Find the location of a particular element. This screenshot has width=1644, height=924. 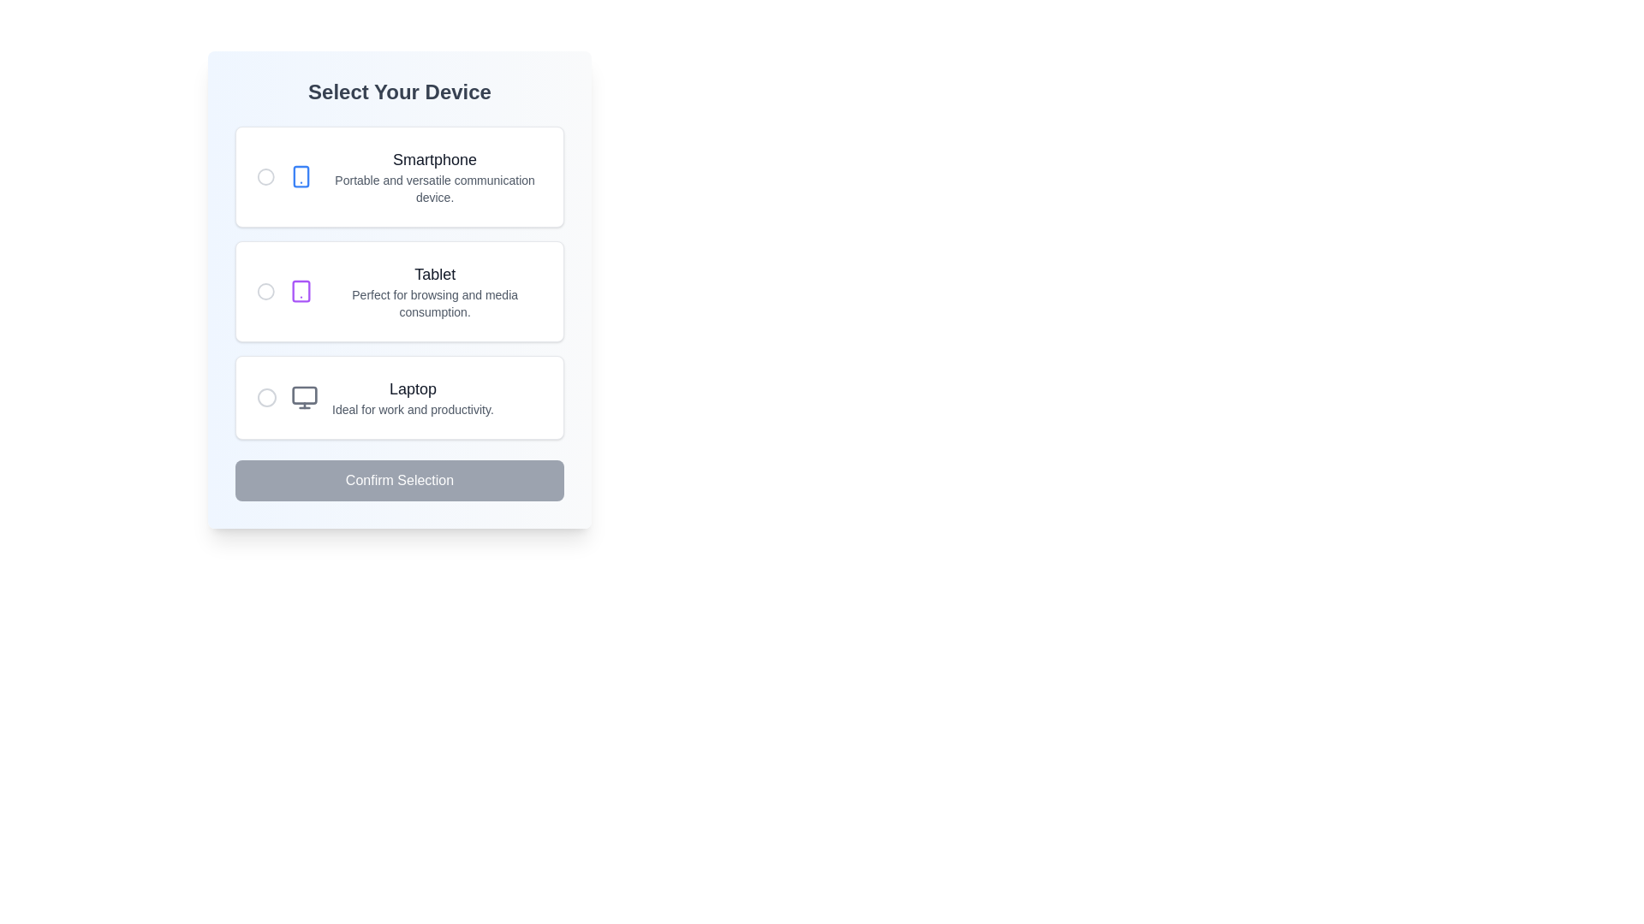

the decorative purple rounded rectangle inside the tablet icon representing the 'Tablet' selection option is located at coordinates (301, 290).